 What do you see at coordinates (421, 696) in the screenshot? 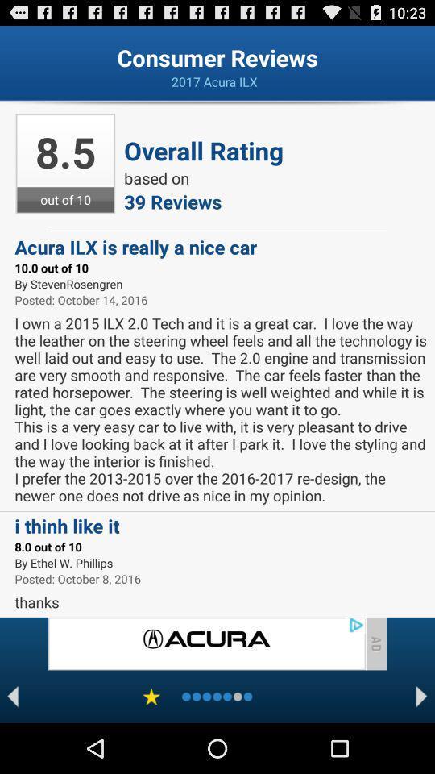
I see `next` at bounding box center [421, 696].